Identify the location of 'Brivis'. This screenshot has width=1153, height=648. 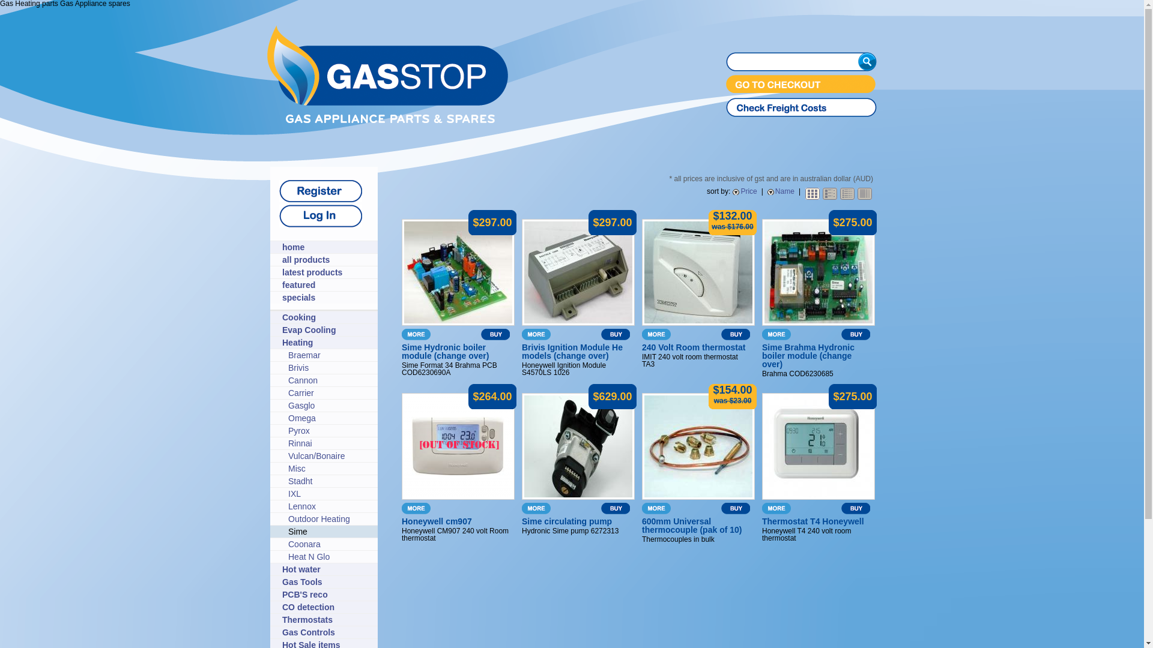
(330, 367).